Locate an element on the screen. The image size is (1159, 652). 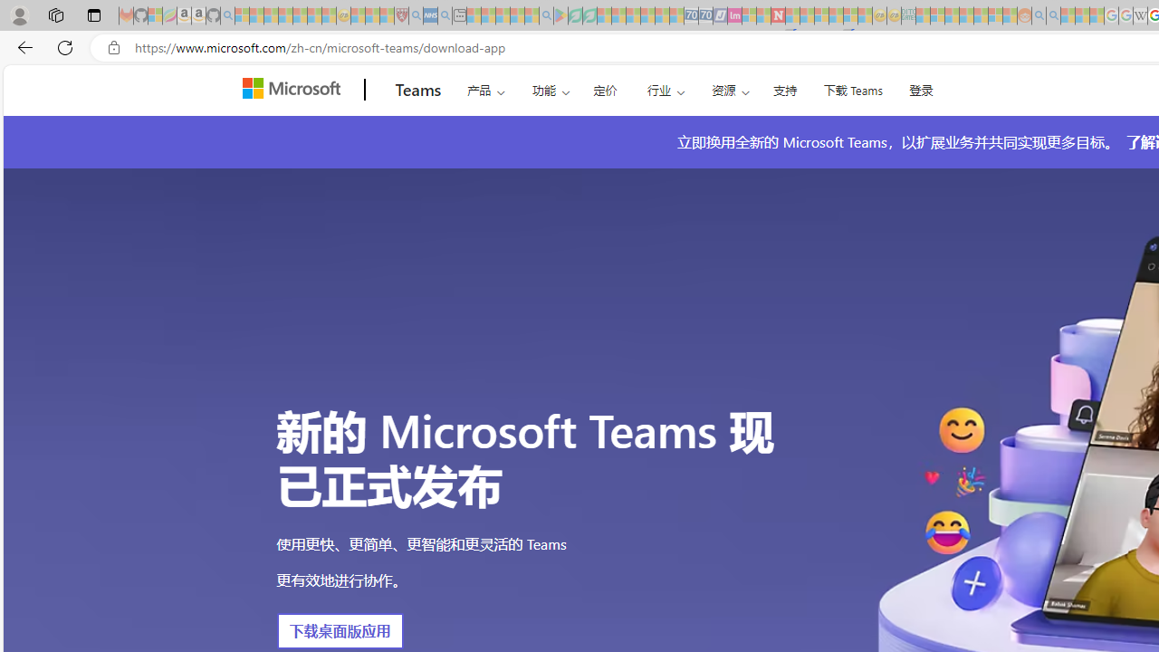
'Kinda Frugal - MSN - Sleeping' is located at coordinates (980, 15).